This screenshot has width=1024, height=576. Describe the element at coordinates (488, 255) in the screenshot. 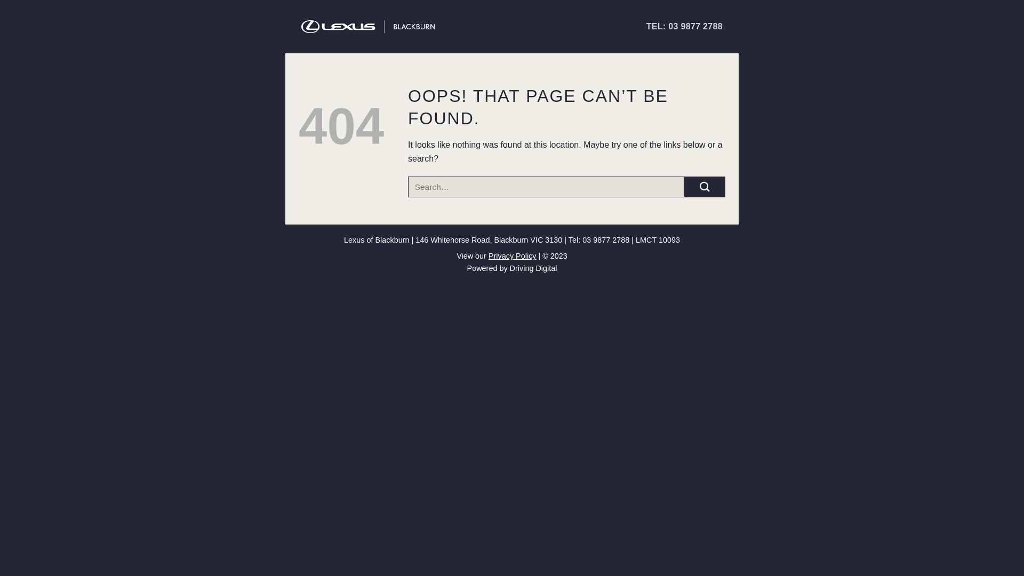

I see `'Privacy Policy'` at that location.